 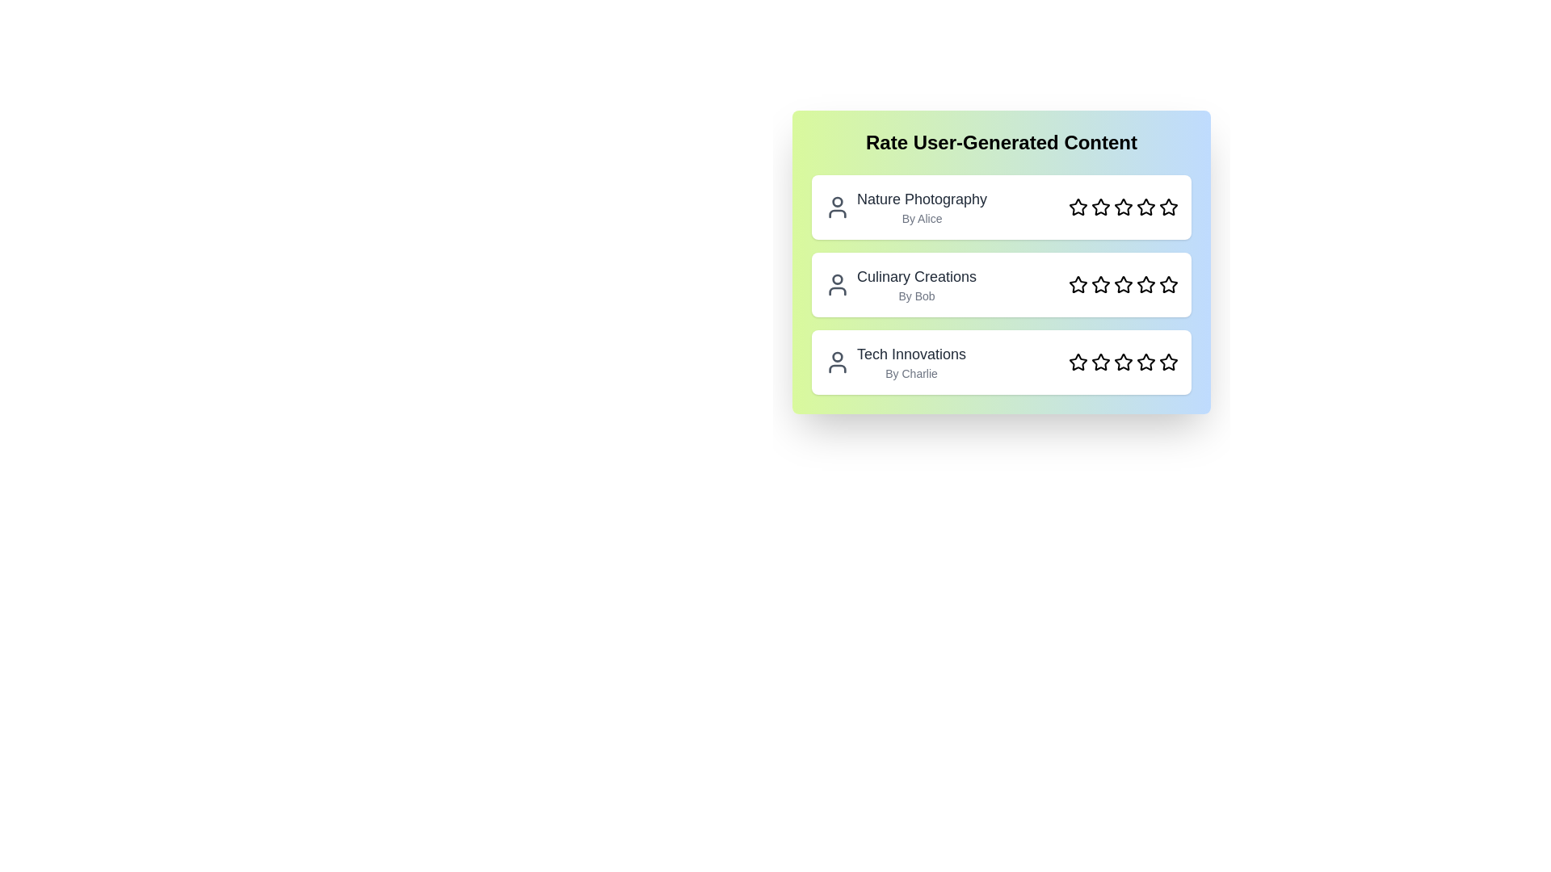 I want to click on the star corresponding to the rating 4 for the content Nature Photography, so click(x=1145, y=207).